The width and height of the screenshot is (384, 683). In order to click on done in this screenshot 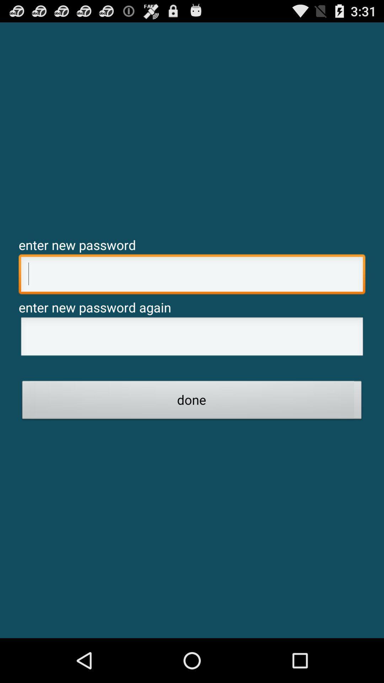, I will do `click(192, 402)`.